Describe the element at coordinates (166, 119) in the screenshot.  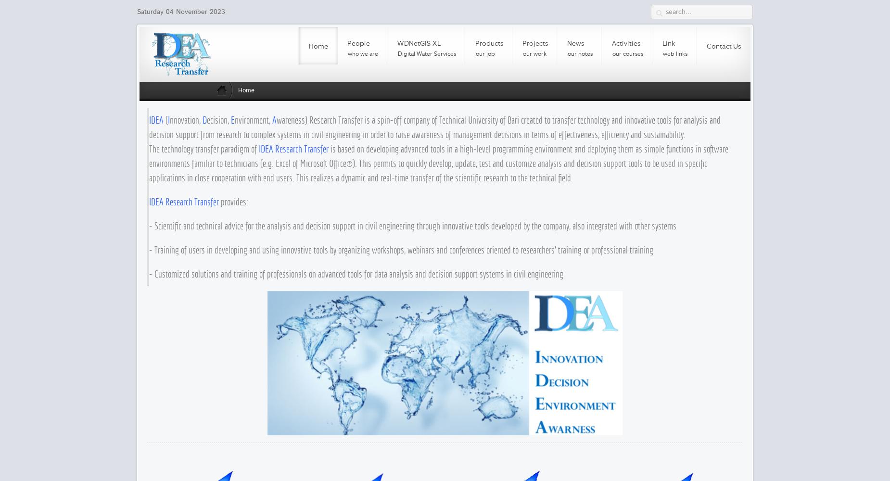
I see `'('` at that location.